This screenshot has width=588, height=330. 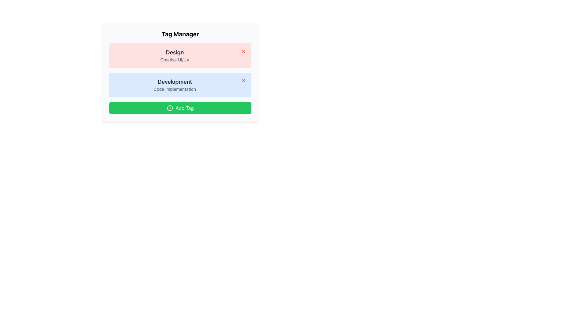 I want to click on the circular '+' icon within the green 'Add Tag' button located below the 'Design' and 'Development' tags, so click(x=170, y=108).